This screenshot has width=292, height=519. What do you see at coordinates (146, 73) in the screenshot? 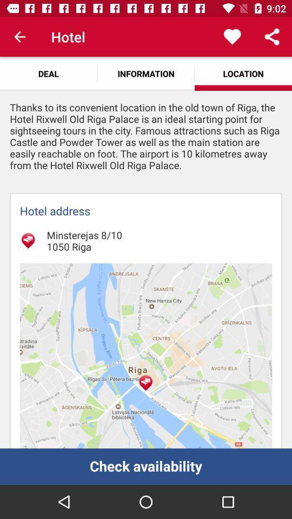
I see `icon next to the location icon` at bounding box center [146, 73].